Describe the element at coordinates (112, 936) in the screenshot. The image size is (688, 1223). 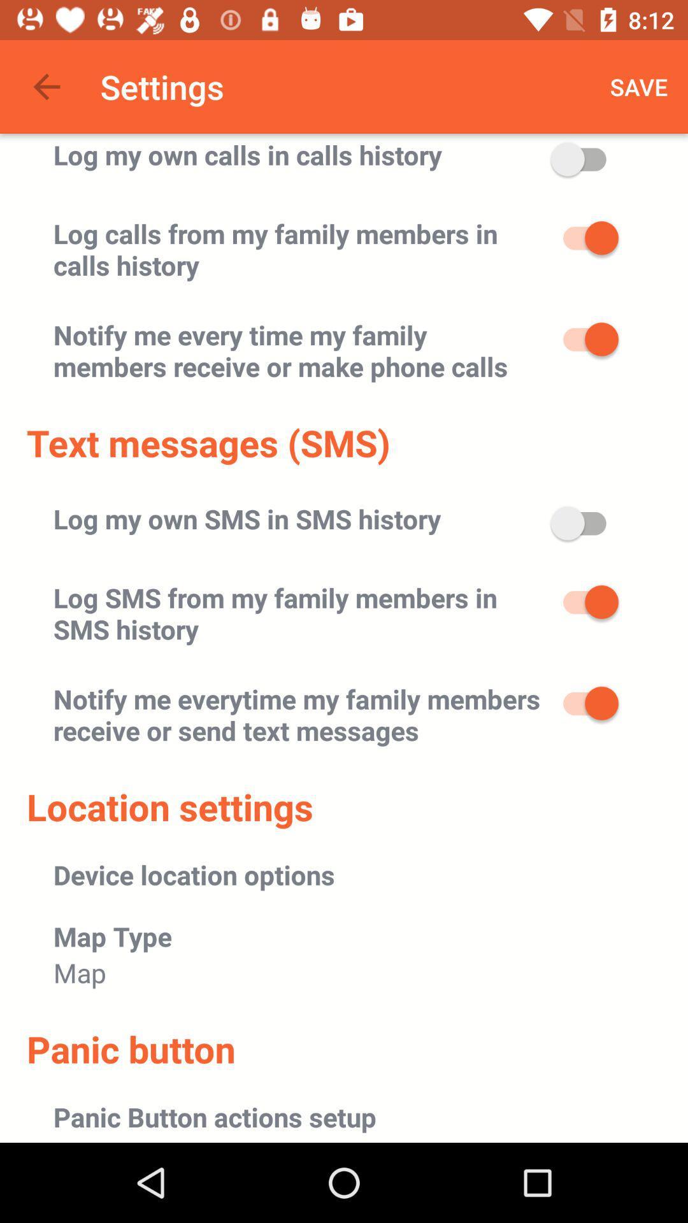
I see `the item above map item` at that location.